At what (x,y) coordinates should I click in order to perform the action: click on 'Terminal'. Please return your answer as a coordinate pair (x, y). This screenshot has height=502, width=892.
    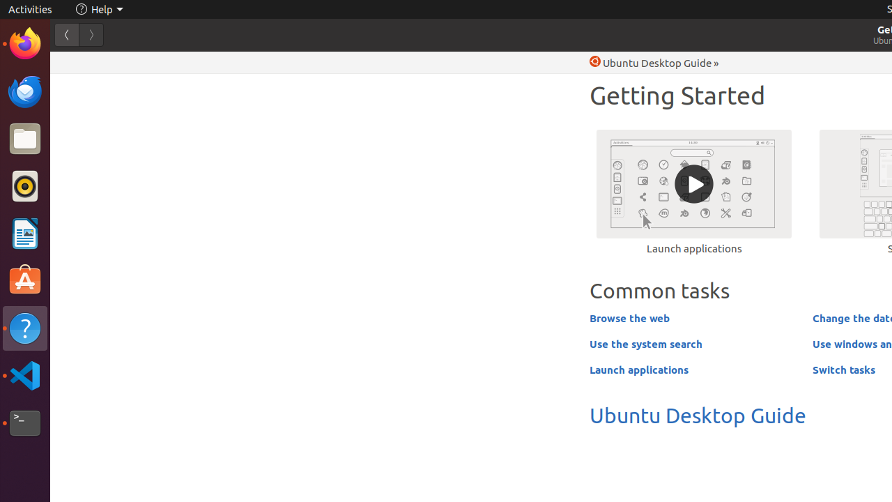
    Looking at the image, I should click on (24, 423).